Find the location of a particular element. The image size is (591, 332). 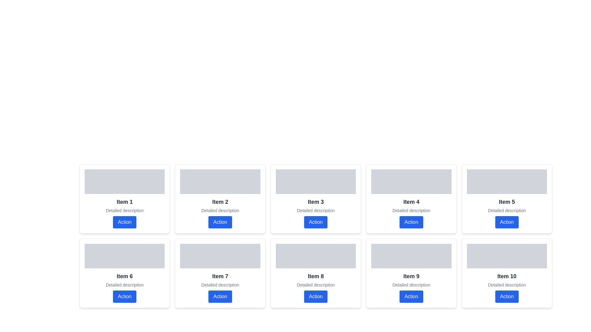

the text label displaying 'Item 3', which is the title of the third card in the first row of a grid layout is located at coordinates (316, 202).